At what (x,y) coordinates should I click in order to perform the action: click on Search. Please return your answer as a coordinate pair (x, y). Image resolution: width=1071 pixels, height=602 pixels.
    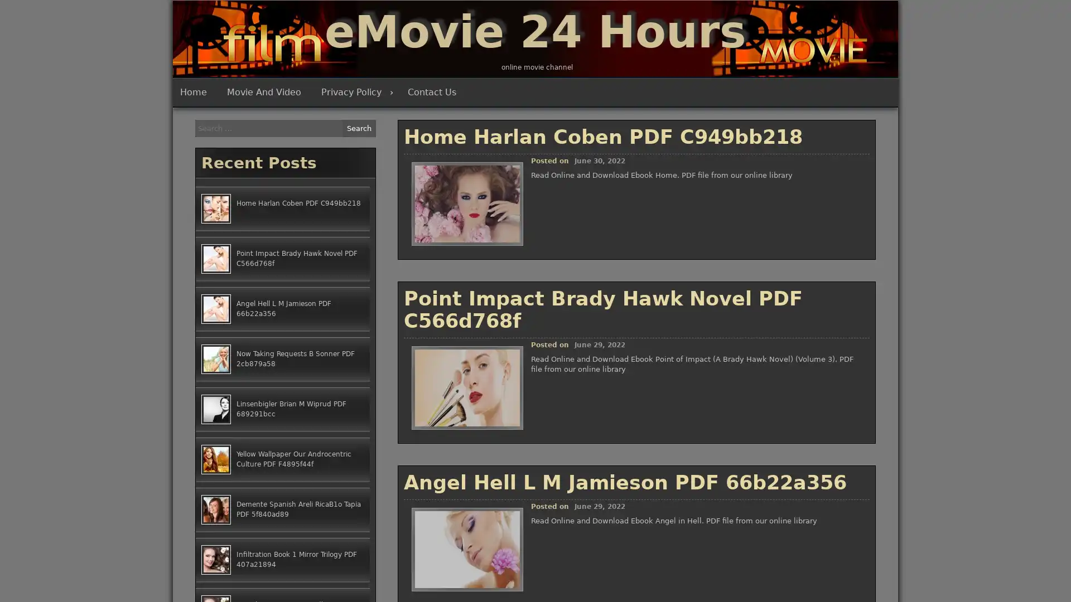
    Looking at the image, I should click on (359, 128).